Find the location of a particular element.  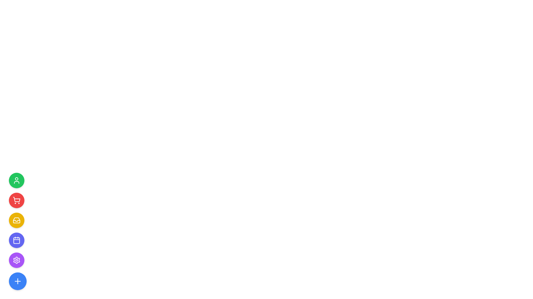

the calendar navigation button, which is the fifth button in a vertical stack on the left side of the interface is located at coordinates (16, 240).